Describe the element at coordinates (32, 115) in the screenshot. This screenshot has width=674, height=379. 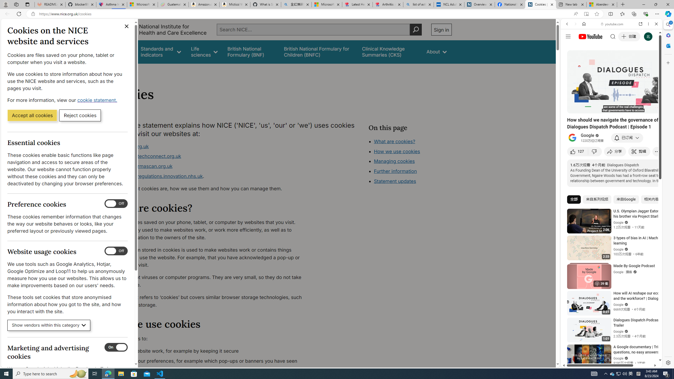
I see `'Accept all cookies'` at that location.